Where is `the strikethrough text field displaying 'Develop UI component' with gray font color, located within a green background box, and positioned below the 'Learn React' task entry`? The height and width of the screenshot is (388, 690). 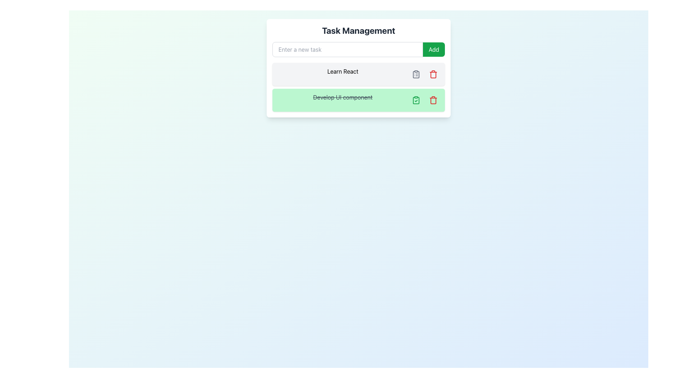
the strikethrough text field displaying 'Develop UI component' with gray font color, located within a green background box, and positioned below the 'Learn React' task entry is located at coordinates (342, 100).